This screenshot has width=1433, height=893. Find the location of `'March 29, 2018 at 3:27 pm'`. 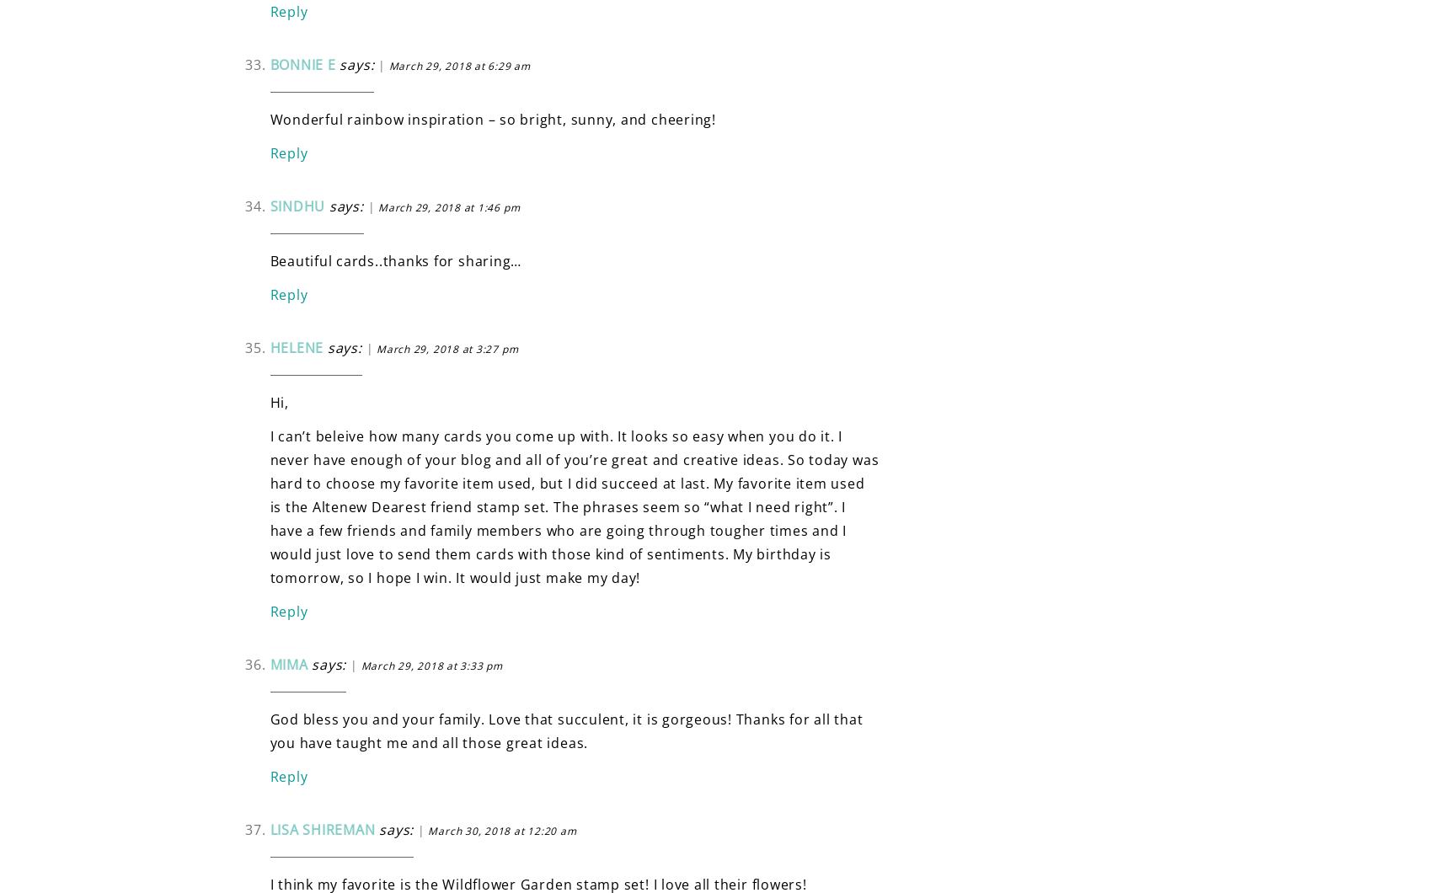

'March 29, 2018 at 3:27 pm' is located at coordinates (447, 347).